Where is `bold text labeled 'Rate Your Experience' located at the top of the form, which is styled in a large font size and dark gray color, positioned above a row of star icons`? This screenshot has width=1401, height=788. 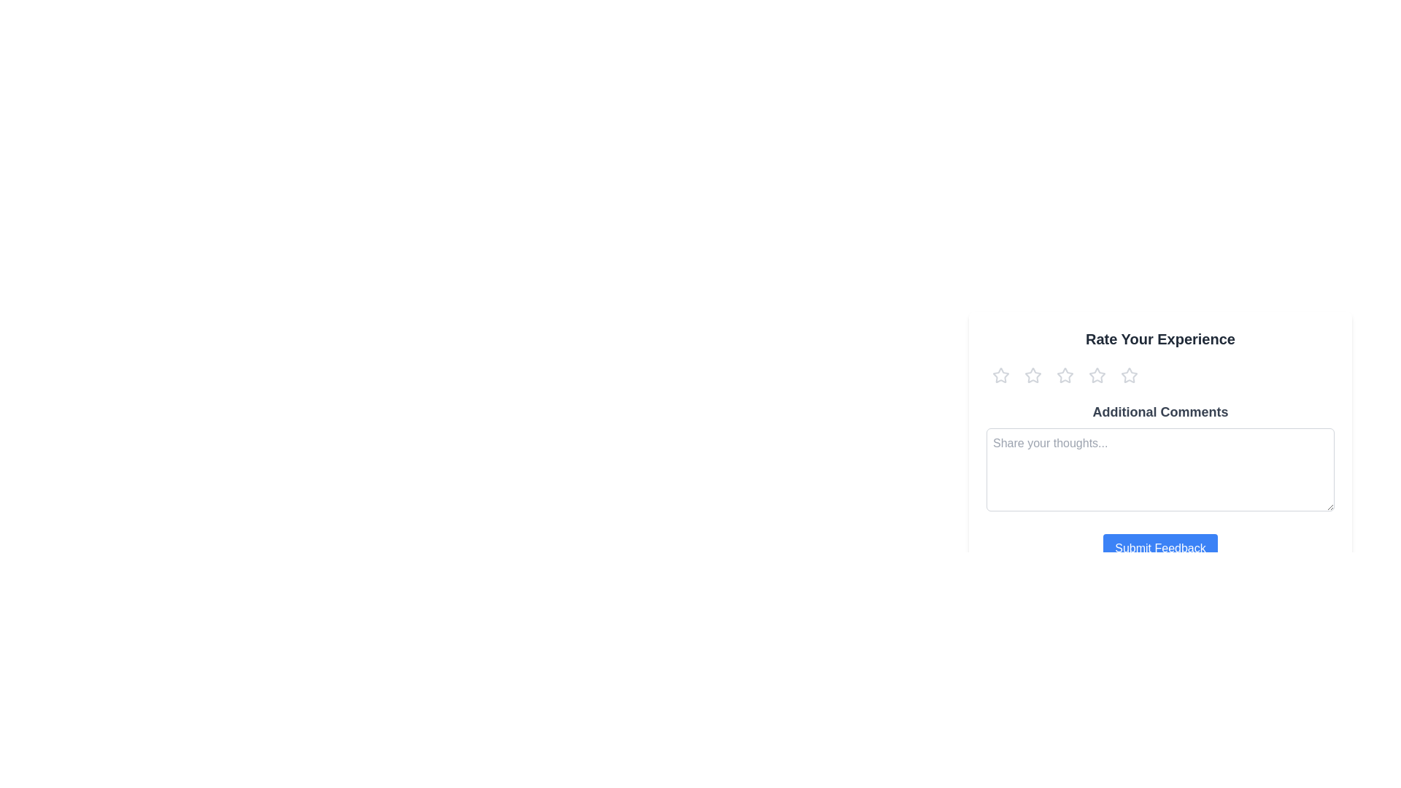 bold text labeled 'Rate Your Experience' located at the top of the form, which is styled in a large font size and dark gray color, positioned above a row of star icons is located at coordinates (1159, 339).